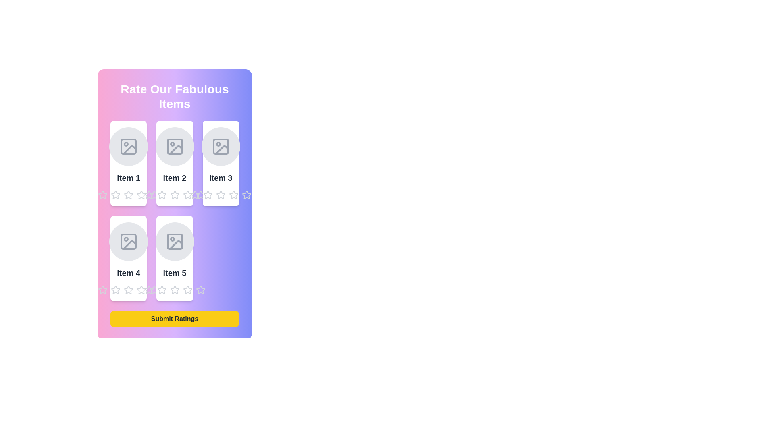  Describe the element at coordinates (221, 146) in the screenshot. I see `the image placeholder for Item 3` at that location.